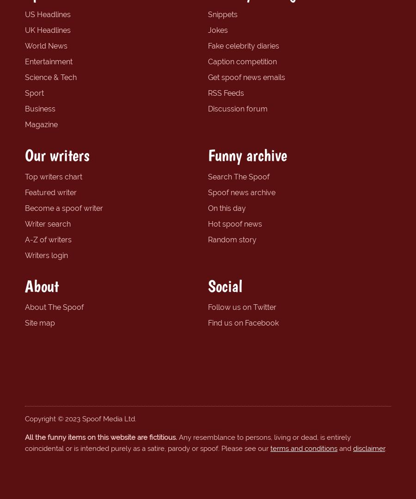 This screenshot has height=499, width=416. What do you see at coordinates (24, 176) in the screenshot?
I see `'Top writers chart'` at bounding box center [24, 176].